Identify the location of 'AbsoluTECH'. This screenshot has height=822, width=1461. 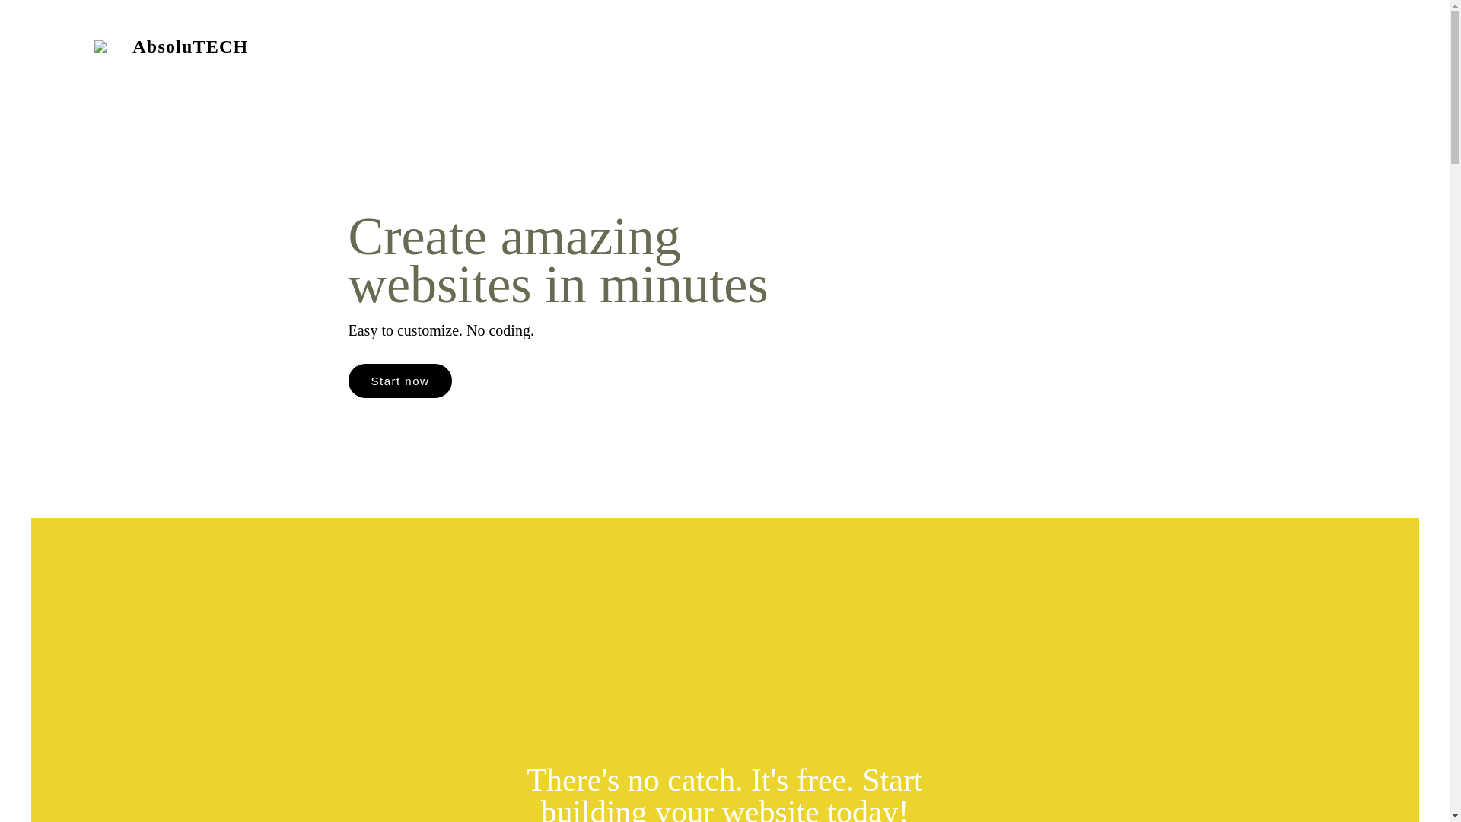
(185, 49).